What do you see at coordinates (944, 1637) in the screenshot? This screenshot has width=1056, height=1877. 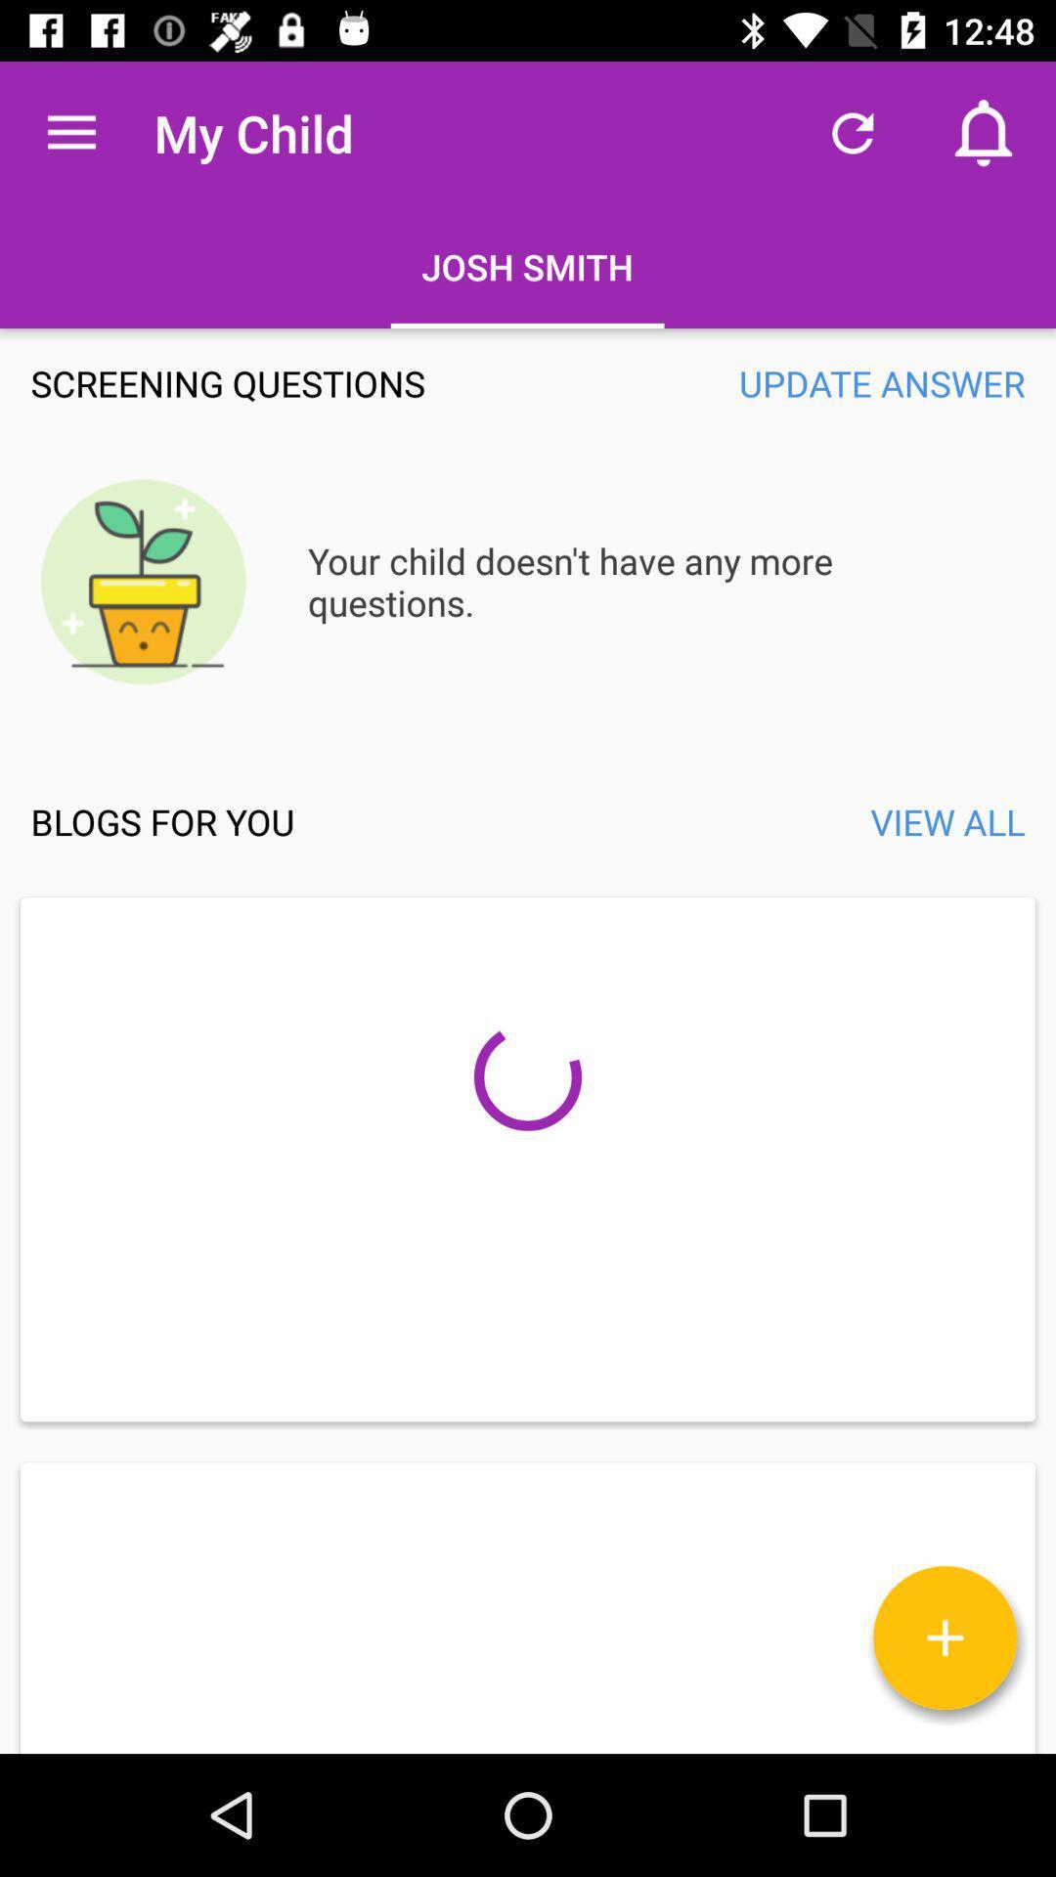 I see `the add icon` at bounding box center [944, 1637].